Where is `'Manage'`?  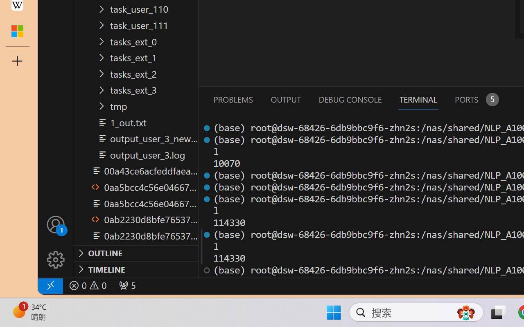 'Manage' is located at coordinates (55, 242).